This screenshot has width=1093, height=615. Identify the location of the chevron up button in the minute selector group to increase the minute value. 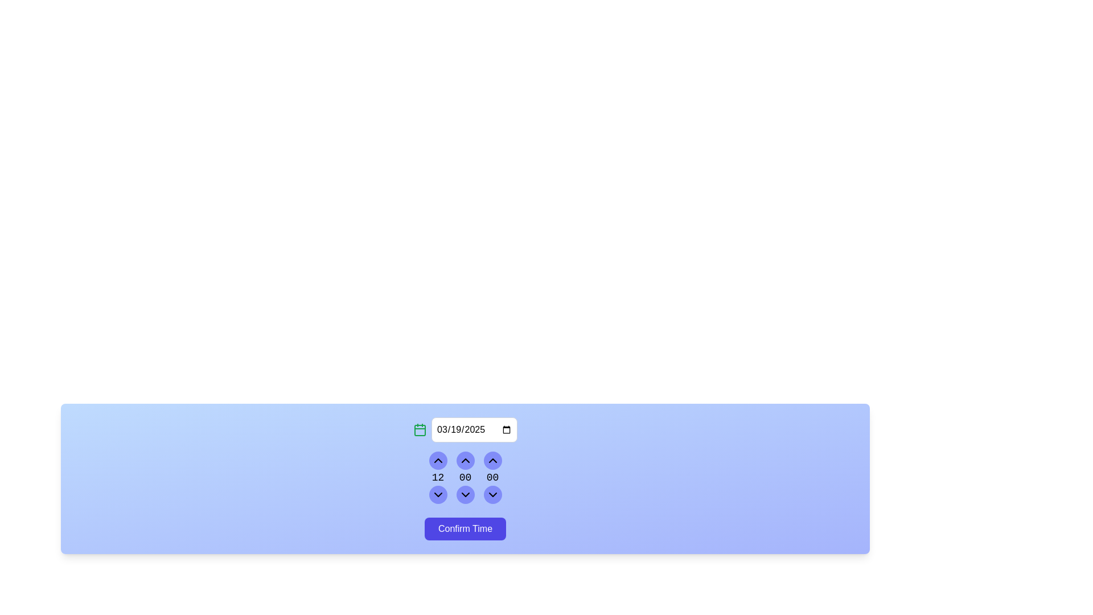
(465, 460).